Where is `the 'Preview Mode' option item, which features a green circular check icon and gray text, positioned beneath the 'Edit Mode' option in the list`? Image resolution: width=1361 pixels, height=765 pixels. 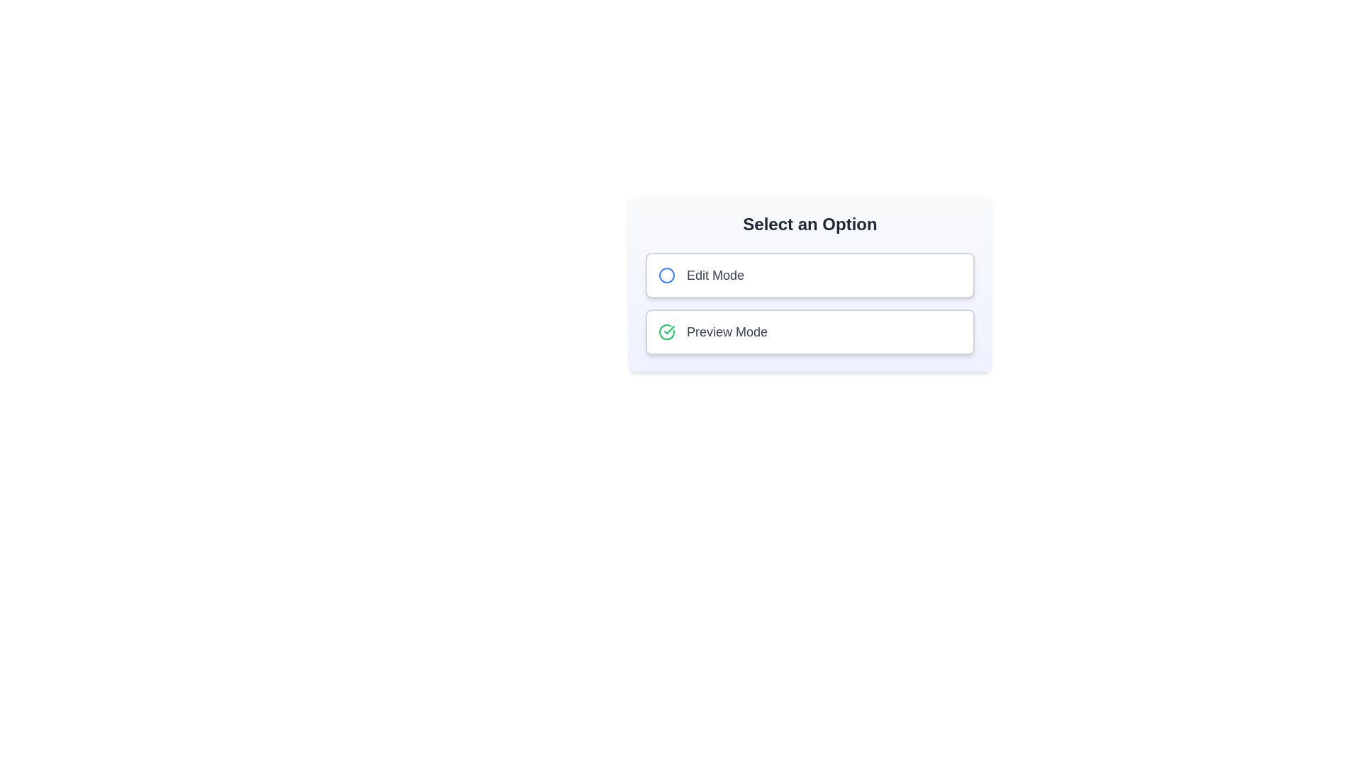
the 'Preview Mode' option item, which features a green circular check icon and gray text, positioned beneath the 'Edit Mode' option in the list is located at coordinates (713, 332).